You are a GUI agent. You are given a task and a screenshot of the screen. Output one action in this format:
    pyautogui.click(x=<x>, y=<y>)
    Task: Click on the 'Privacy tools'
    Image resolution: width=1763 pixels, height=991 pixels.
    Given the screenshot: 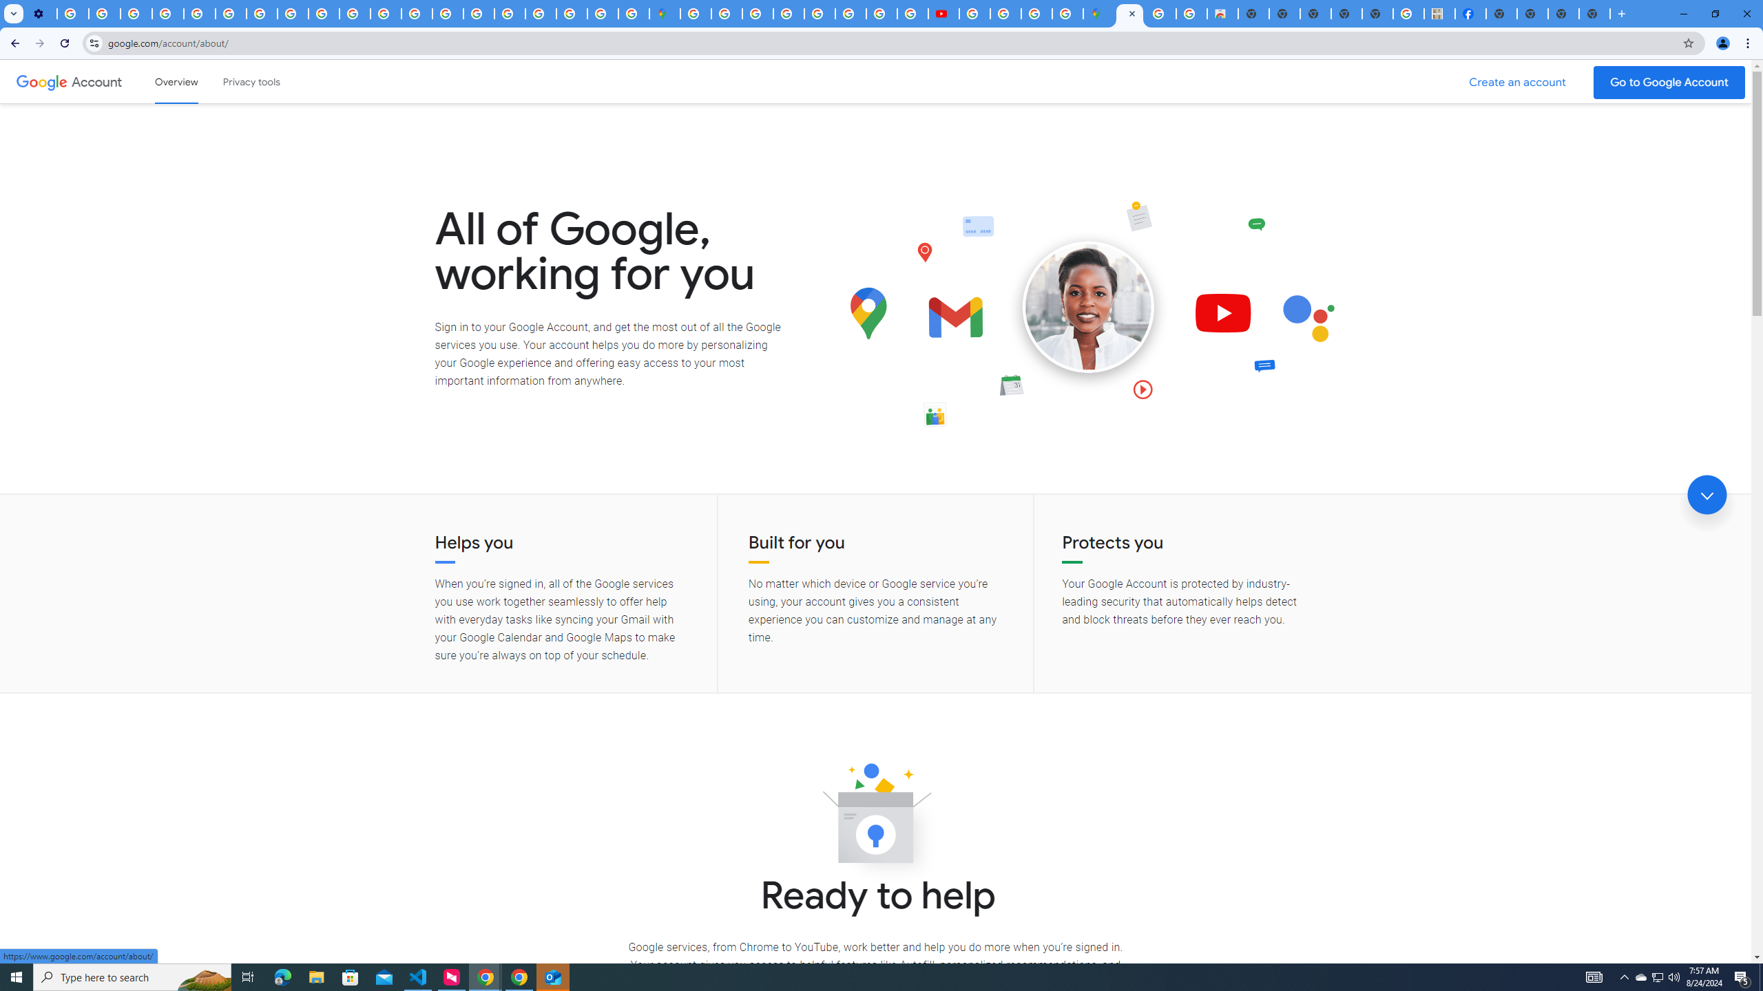 What is the action you would take?
    pyautogui.click(x=250, y=81)
    